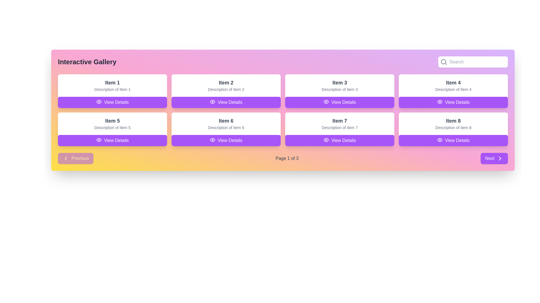  Describe the element at coordinates (66, 158) in the screenshot. I see `the navigational icon within the 'Previous' button located at the bottom-left corner of the layout, indicating the direction to the previous page` at that location.